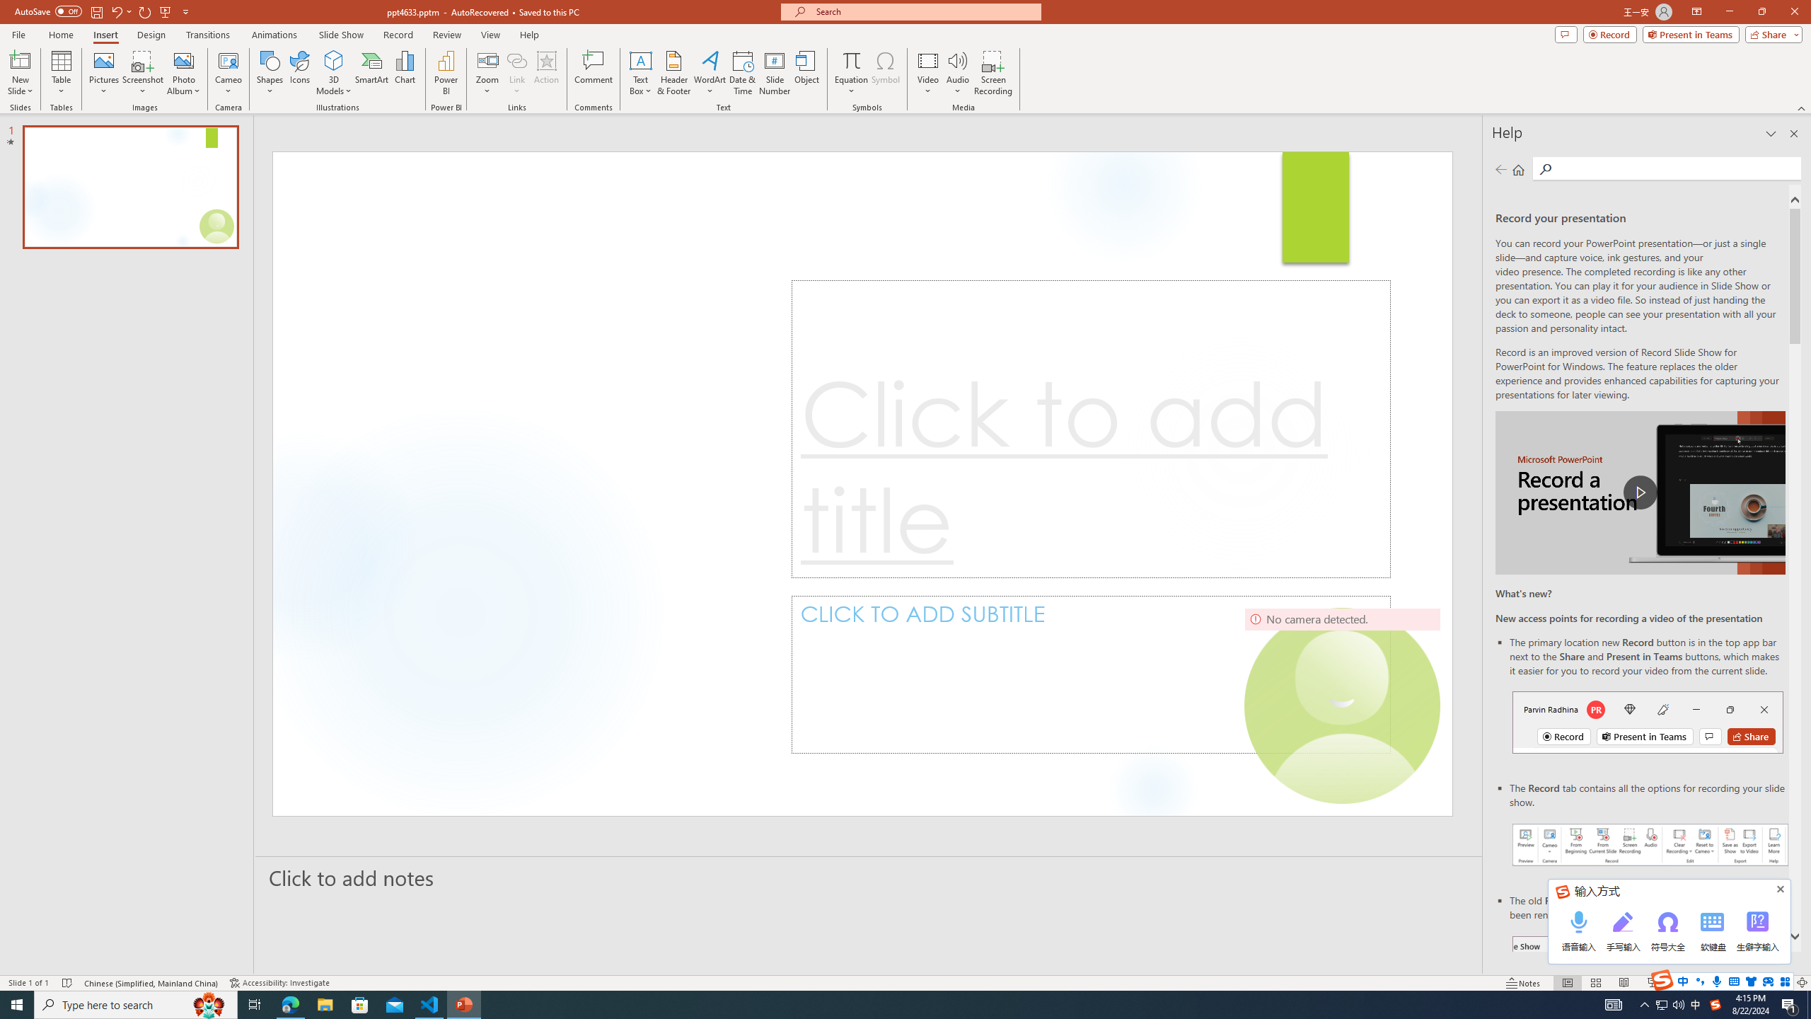 The height and width of the screenshot is (1019, 1811). Describe the element at coordinates (516, 73) in the screenshot. I see `'Link'` at that location.